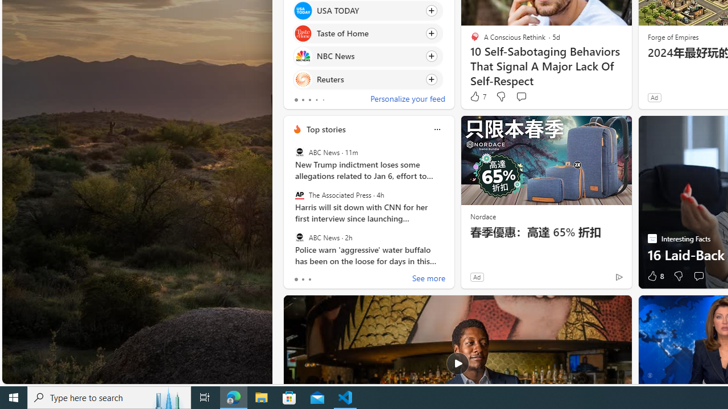 Image resolution: width=728 pixels, height=409 pixels. What do you see at coordinates (477, 277) in the screenshot?
I see `'Ad'` at bounding box center [477, 277].